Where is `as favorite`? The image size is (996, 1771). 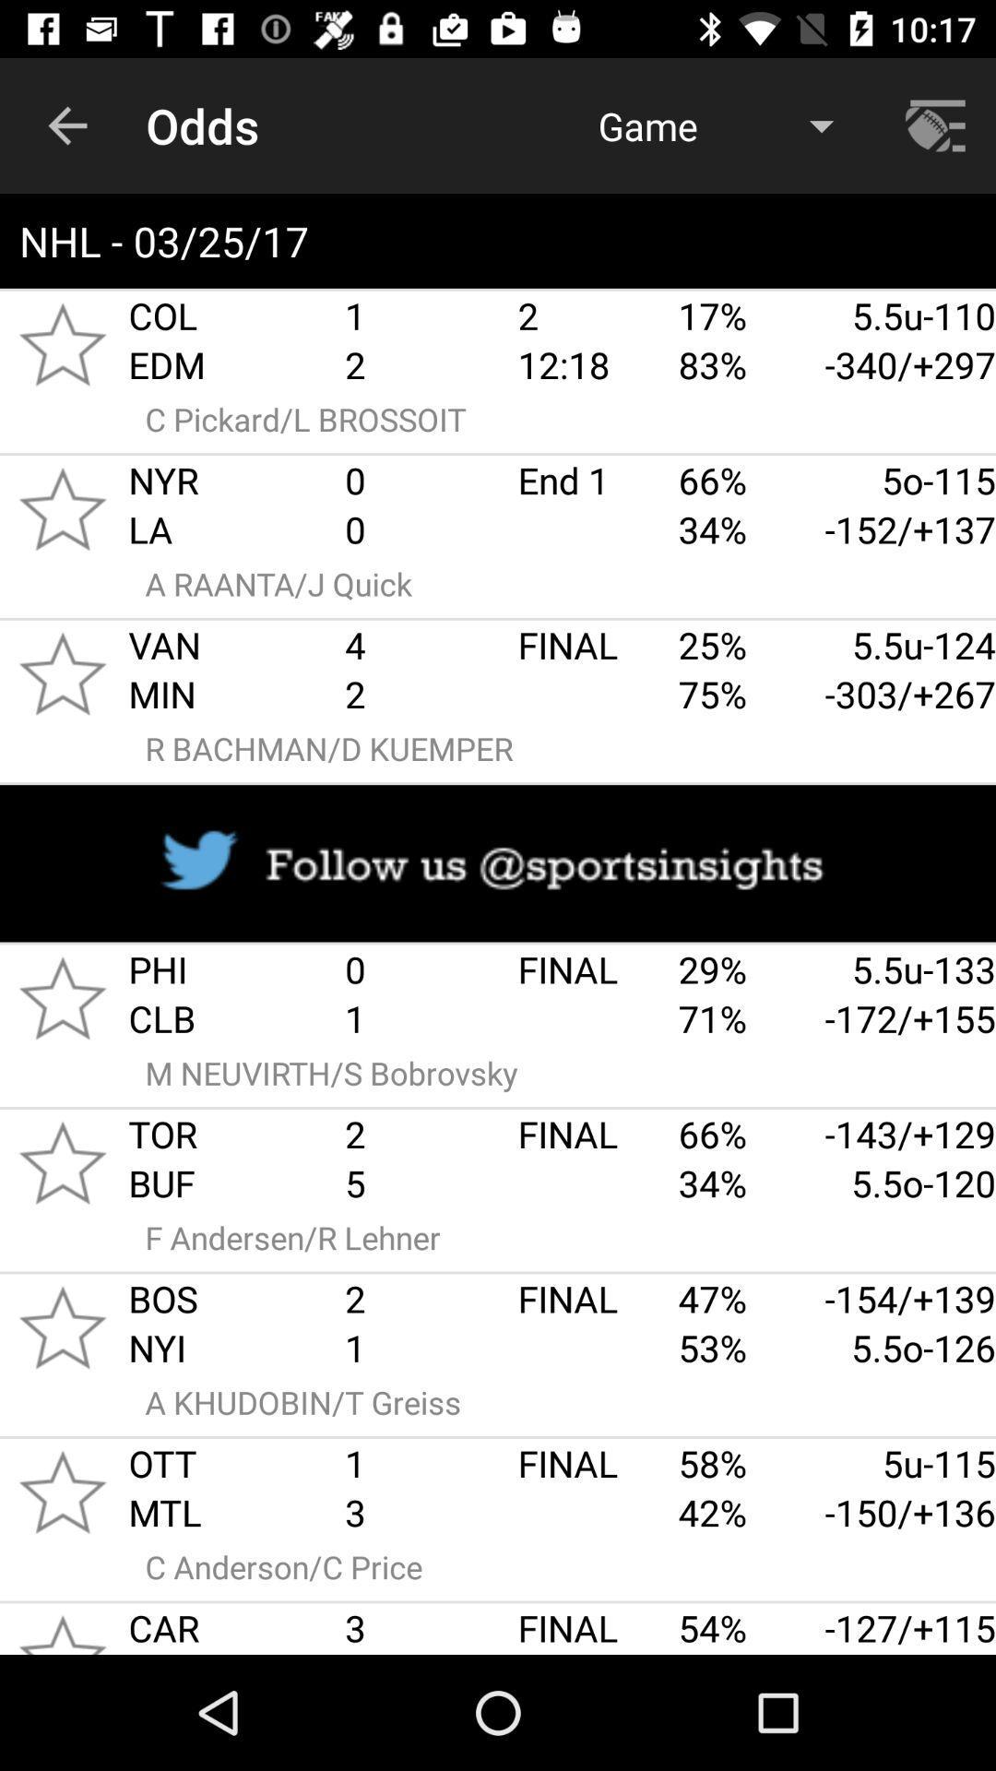
as favorite is located at coordinates (62, 672).